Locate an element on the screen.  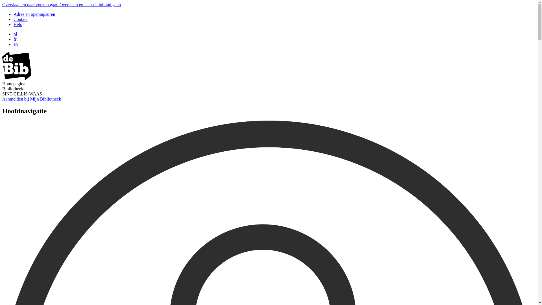
'Overslaan en naar de inhoud gaan' is located at coordinates (90, 5).